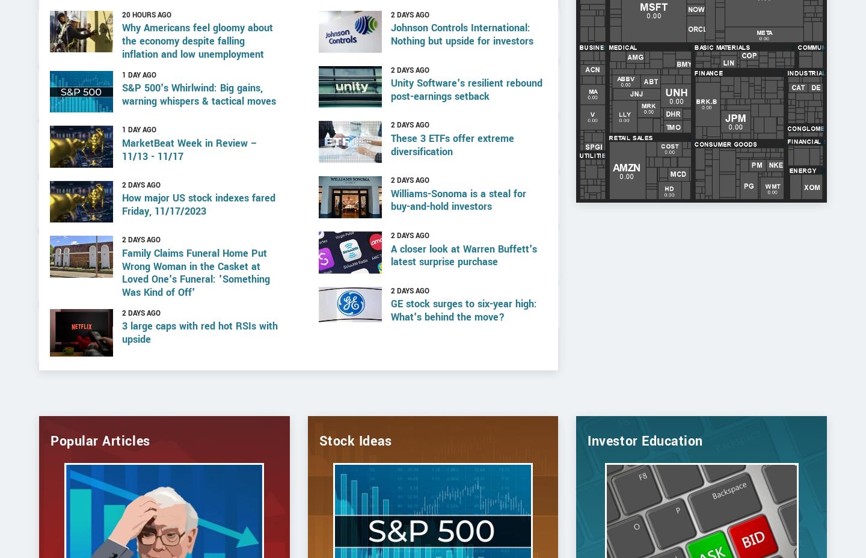 The width and height of the screenshot is (866, 558). What do you see at coordinates (198, 243) in the screenshot?
I see `'How major US stock indexes fared Friday, 11/17/2023'` at bounding box center [198, 243].